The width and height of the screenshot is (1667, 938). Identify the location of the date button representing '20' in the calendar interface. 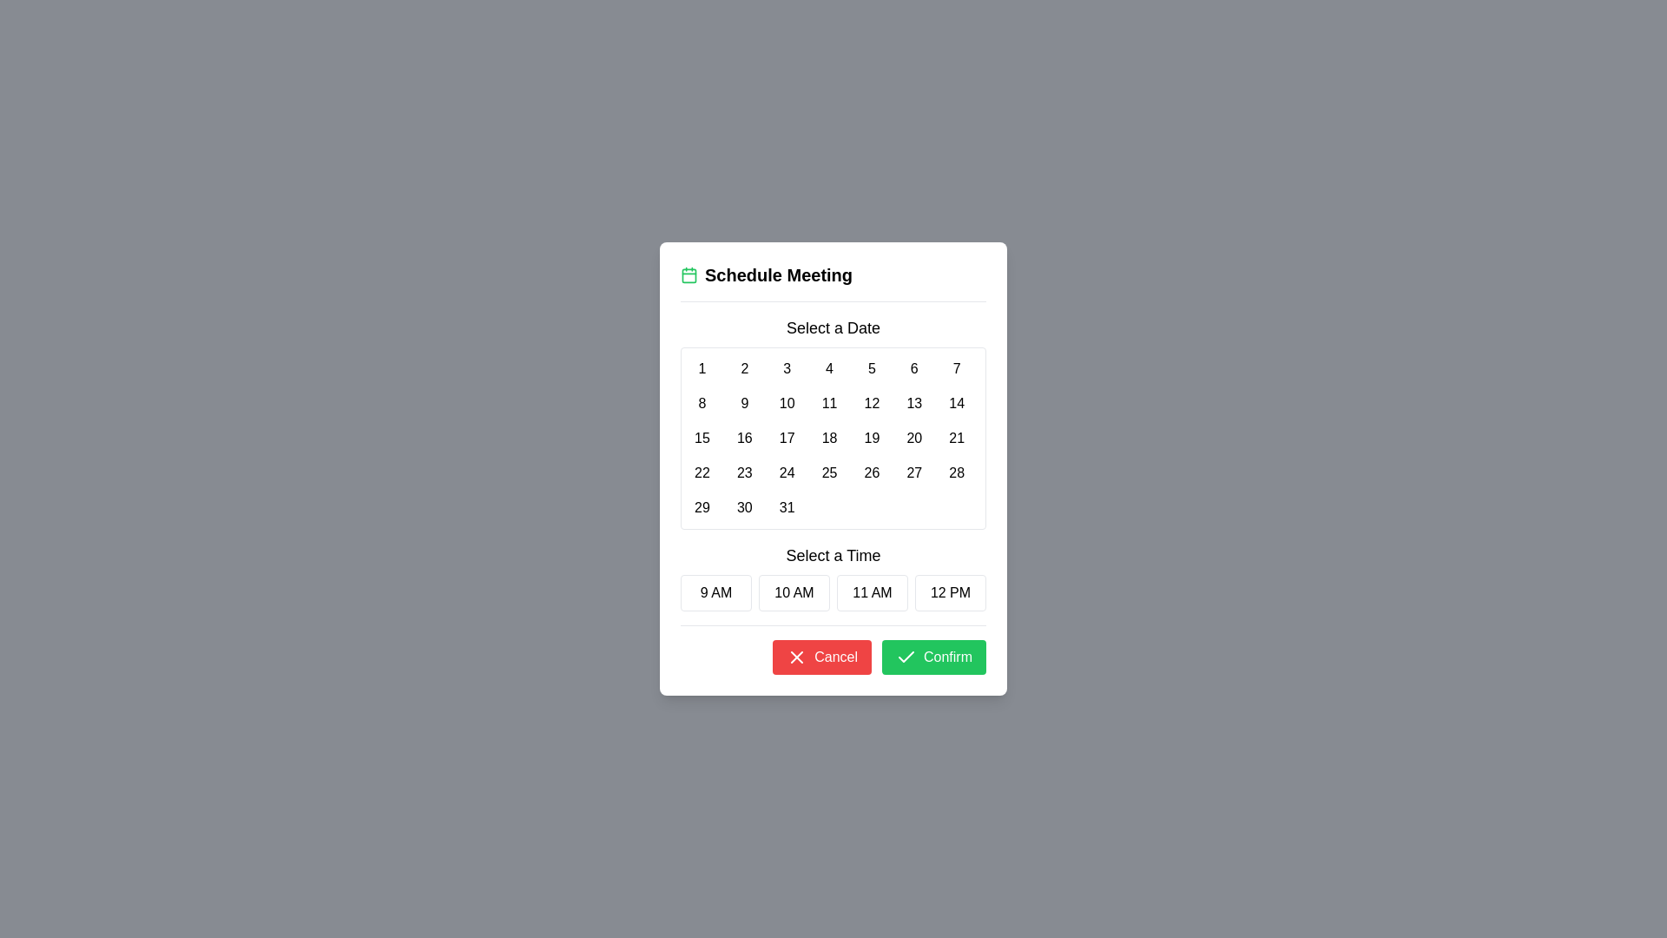
(913, 438).